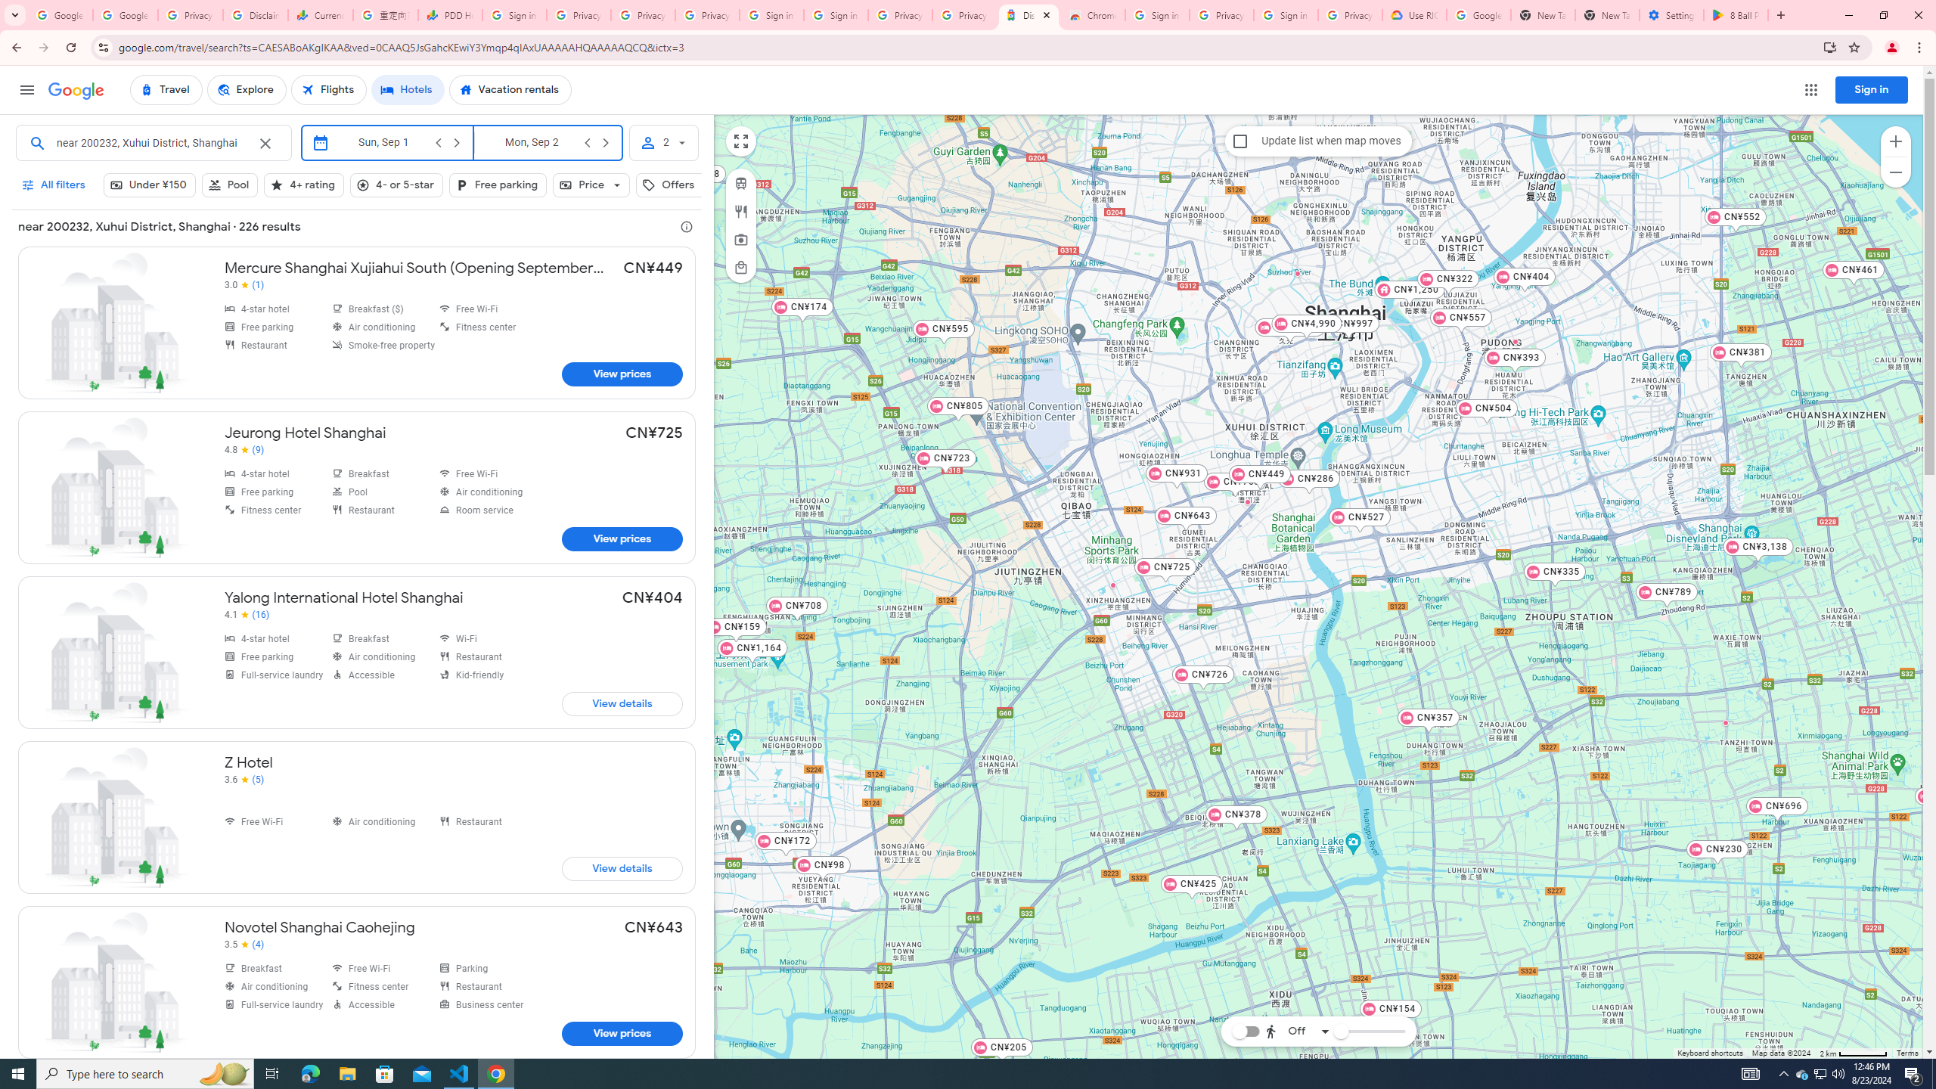  Describe the element at coordinates (396, 185) in the screenshot. I see `'4- or 5-star, Hotel class, Not selected'` at that location.